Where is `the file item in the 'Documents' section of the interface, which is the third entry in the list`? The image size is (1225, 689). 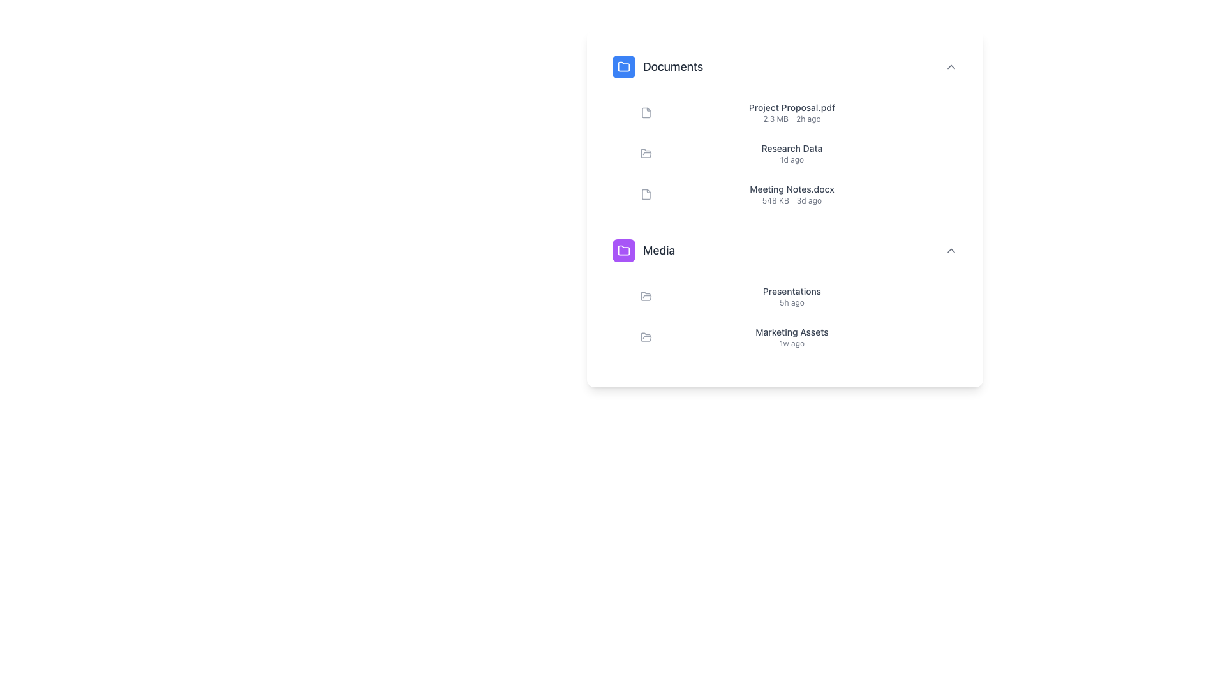
the file item in the 'Documents' section of the interface, which is the third entry in the list is located at coordinates (791, 194).